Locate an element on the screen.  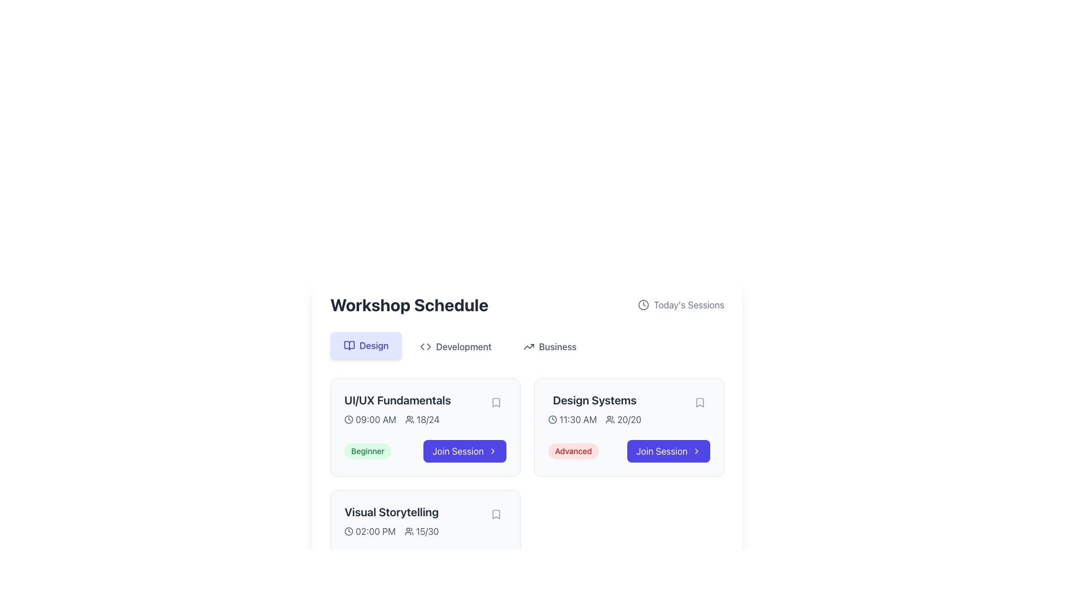
the 'Join Session' button located at the bottom of the 'UI/UX Fundamentals' section, which features a light green label reading 'Beginner' and a blue rectangular button with a right arrow icon is located at coordinates (425, 450).